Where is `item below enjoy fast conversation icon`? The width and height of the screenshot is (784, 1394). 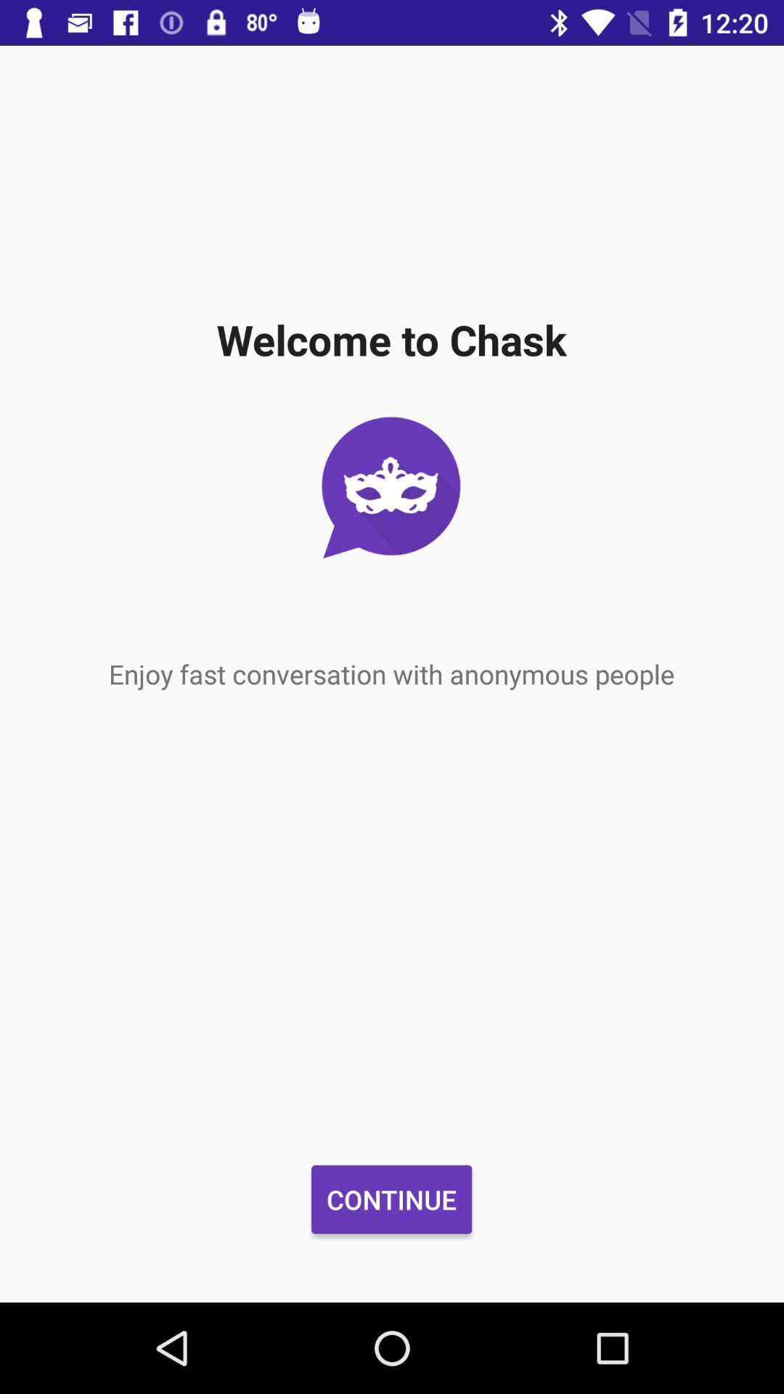
item below enjoy fast conversation icon is located at coordinates (391, 1199).